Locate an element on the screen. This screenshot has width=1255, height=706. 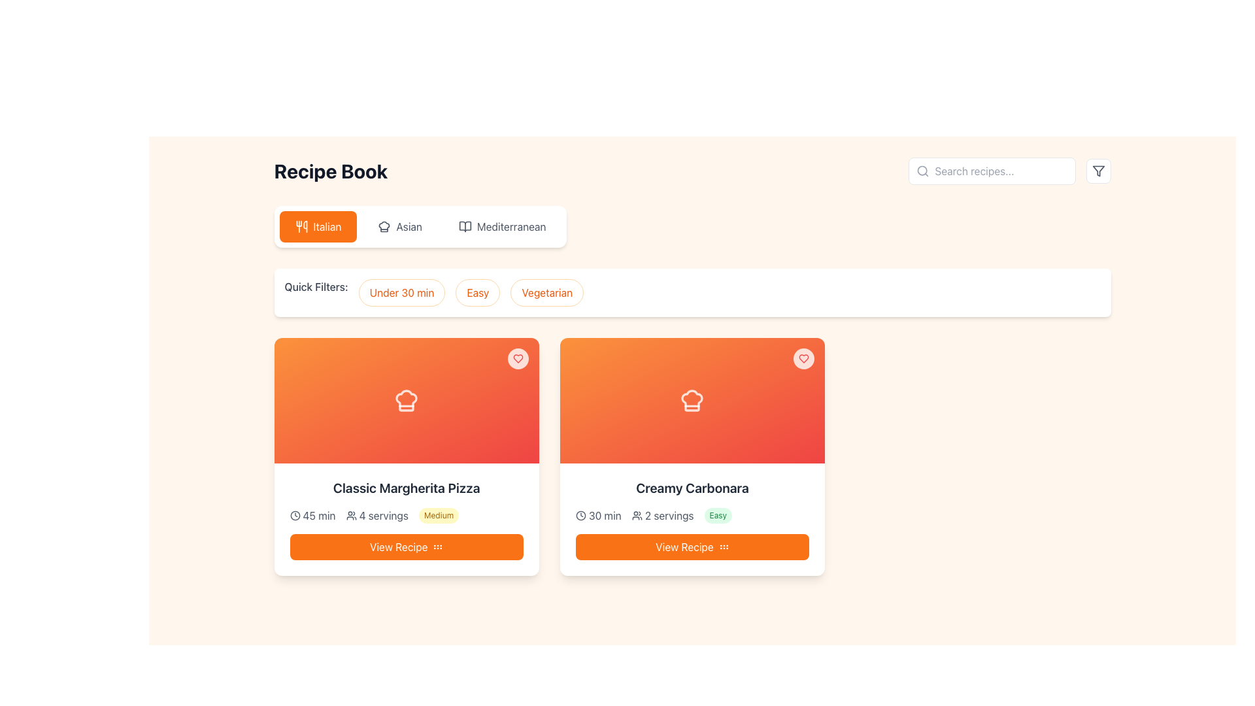
the Decorative banner featuring a gradient background from orange to red, with a white chef hat icon, positioned above the 'Creamy Carbonara' text in the second recipe column is located at coordinates (692, 400).